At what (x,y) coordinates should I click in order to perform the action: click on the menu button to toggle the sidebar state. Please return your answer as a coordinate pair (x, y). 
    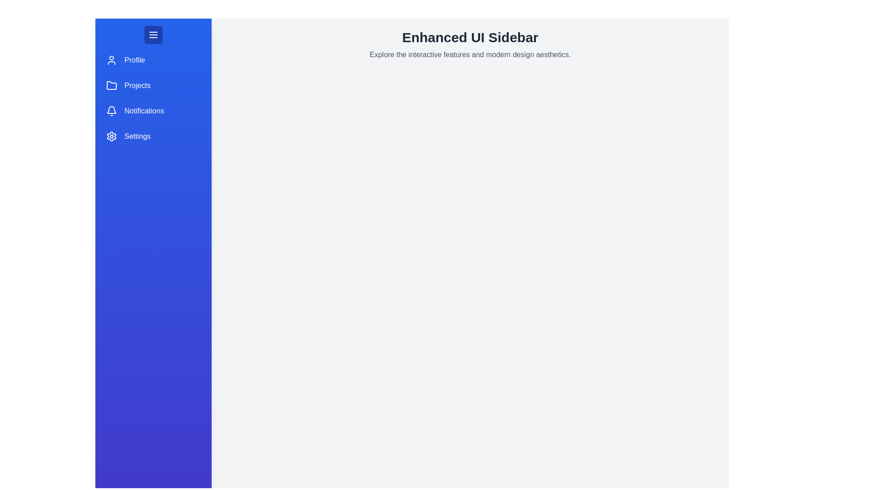
    Looking at the image, I should click on (153, 34).